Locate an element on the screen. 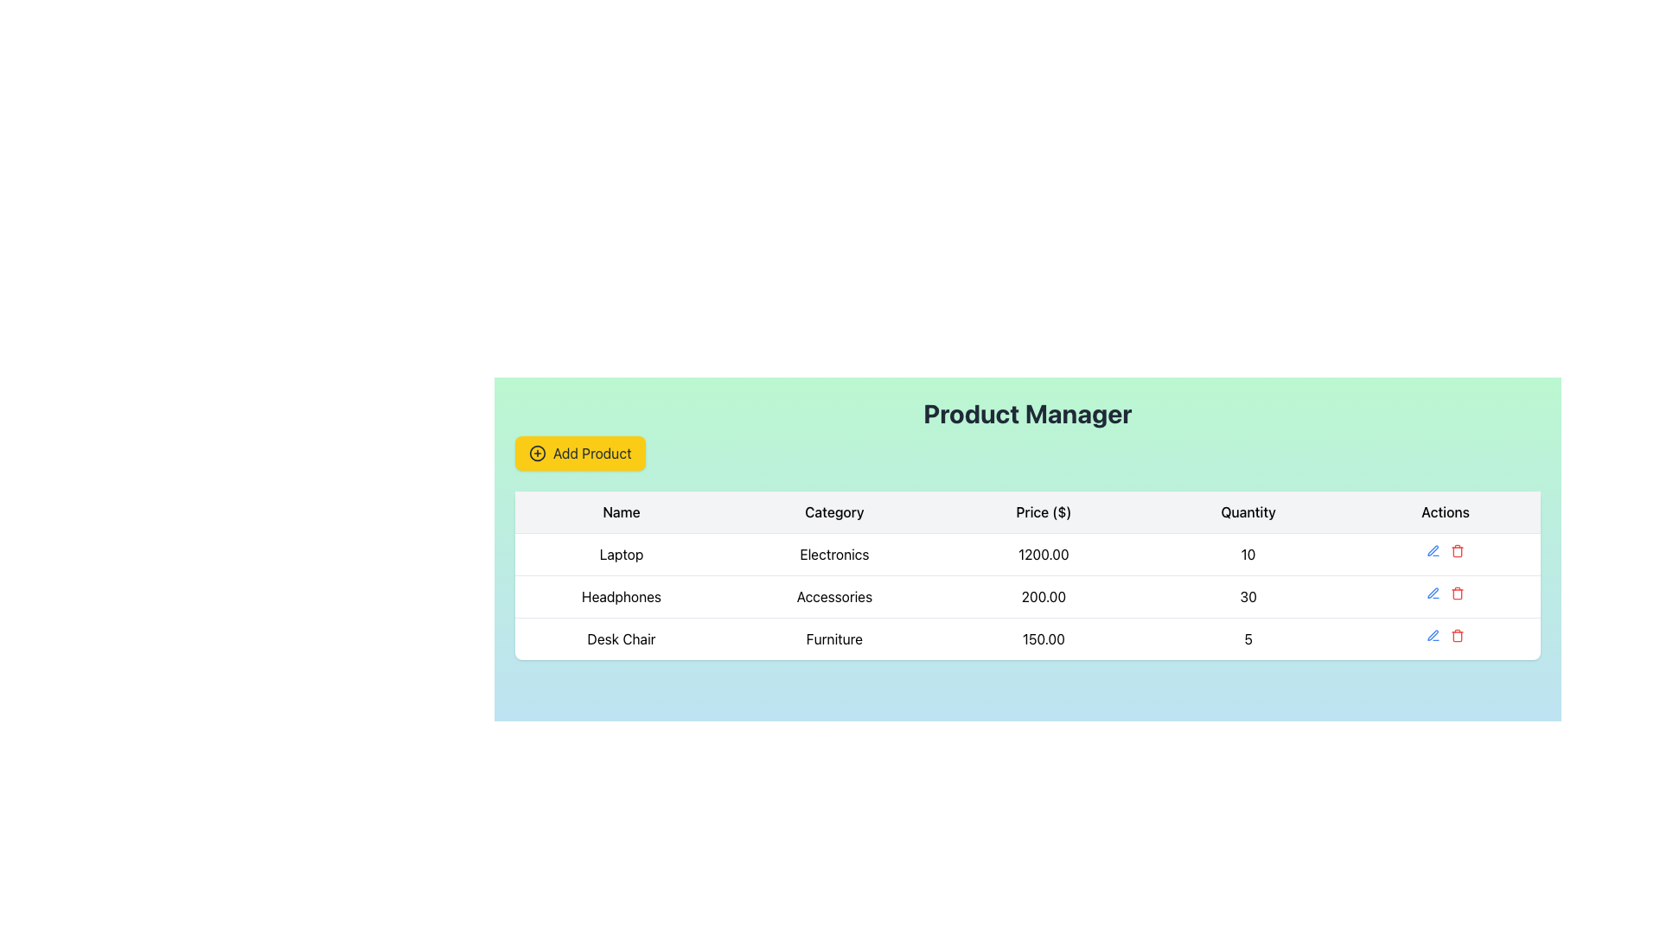 Image resolution: width=1660 pixels, height=933 pixels. the edit action icon located in the 'Actions' column of the second row of the table is located at coordinates (1433, 550).